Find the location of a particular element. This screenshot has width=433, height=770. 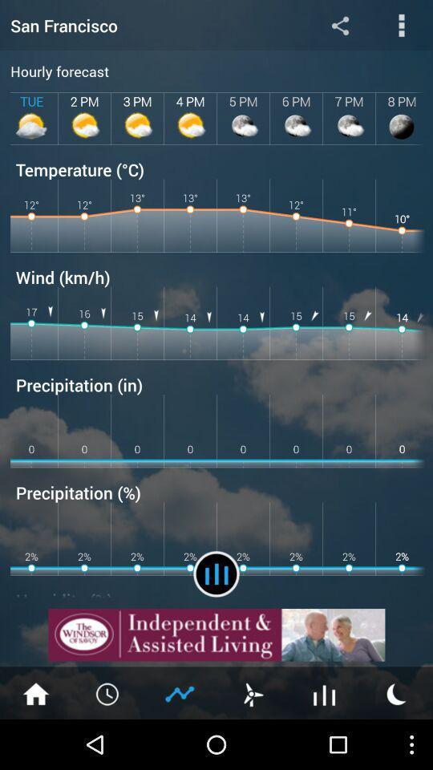

menu button is located at coordinates (108, 692).